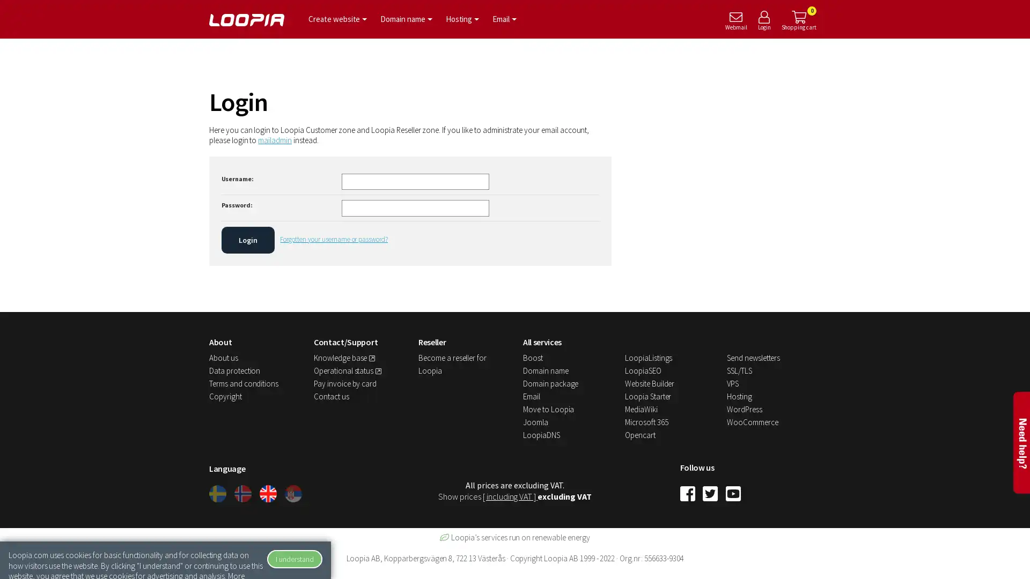 The width and height of the screenshot is (1030, 579). I want to click on Login, so click(247, 239).